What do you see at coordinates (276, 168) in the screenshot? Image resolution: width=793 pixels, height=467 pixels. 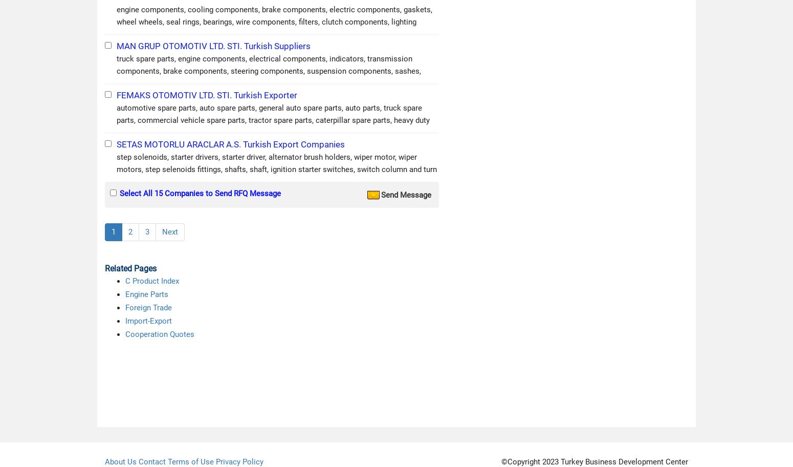 I see `'step solenoids, starter drivers, starter driver, alternator brush holders, wiper motor, wiper motors, step selenoids fittings, shafts, shaft, ignition starter switches, switch column and turn signal s'` at bounding box center [276, 168].